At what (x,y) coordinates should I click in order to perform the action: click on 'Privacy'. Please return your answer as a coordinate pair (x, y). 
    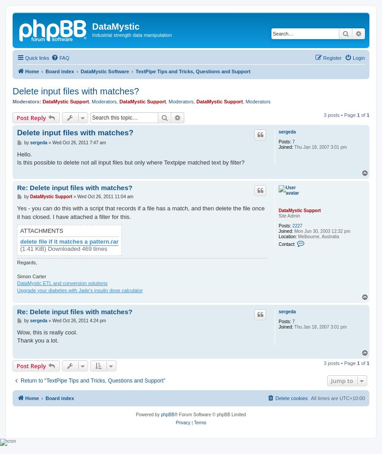
    Looking at the image, I should click on (182, 422).